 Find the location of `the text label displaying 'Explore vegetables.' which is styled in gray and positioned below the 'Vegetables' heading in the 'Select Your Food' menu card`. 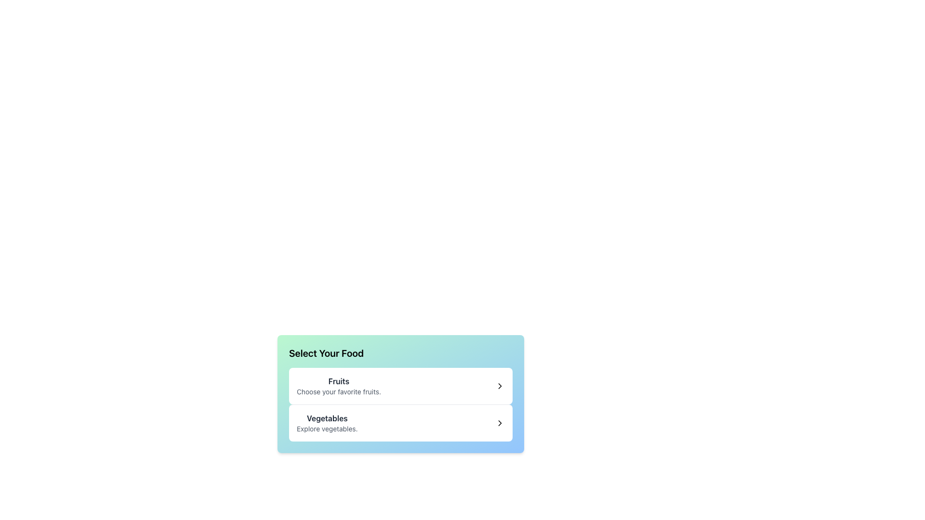

the text label displaying 'Explore vegetables.' which is styled in gray and positioned below the 'Vegetables' heading in the 'Select Your Food' menu card is located at coordinates (327, 429).